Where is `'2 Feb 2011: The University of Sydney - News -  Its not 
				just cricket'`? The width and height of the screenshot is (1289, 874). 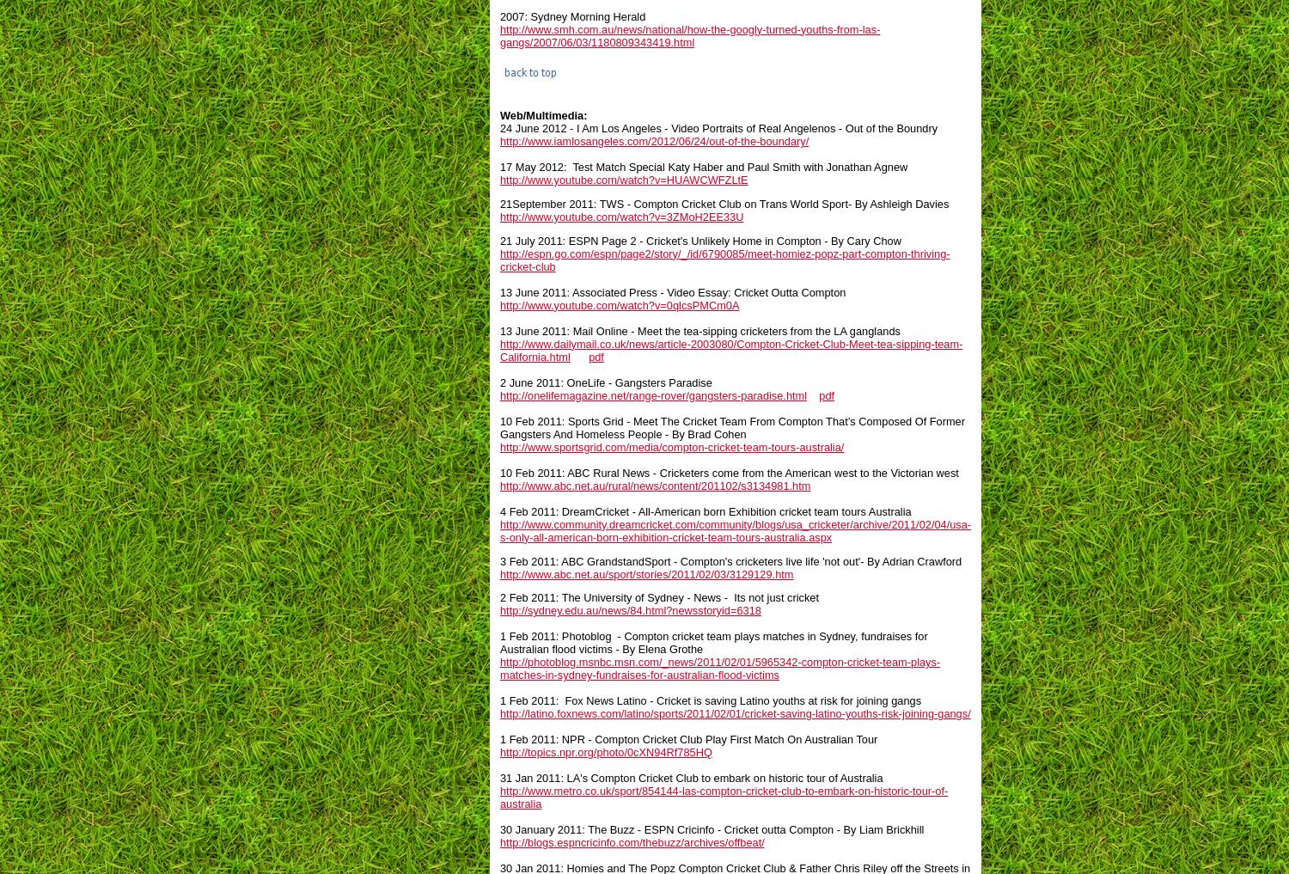
'2 Feb 2011: The University of Sydney - News -  Its not 
				just cricket' is located at coordinates (499, 596).